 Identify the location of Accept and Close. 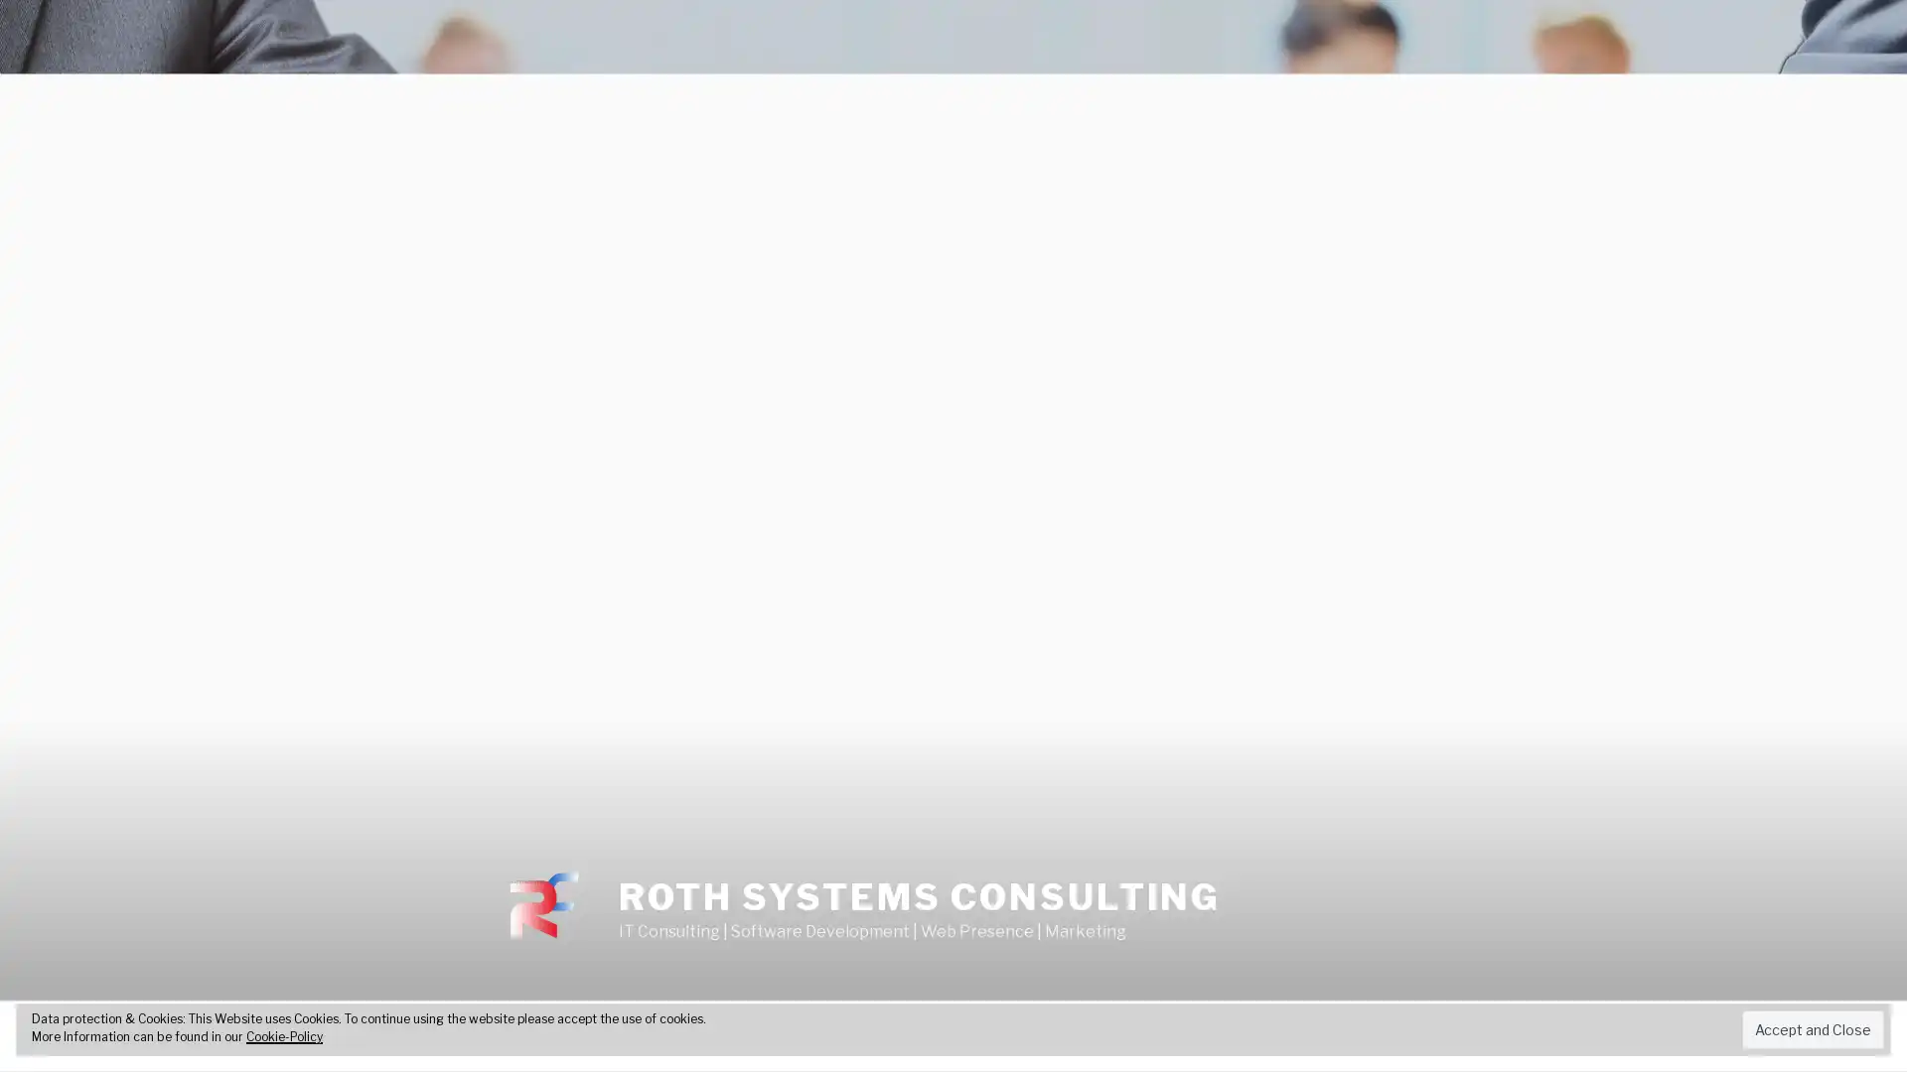
(1813, 1028).